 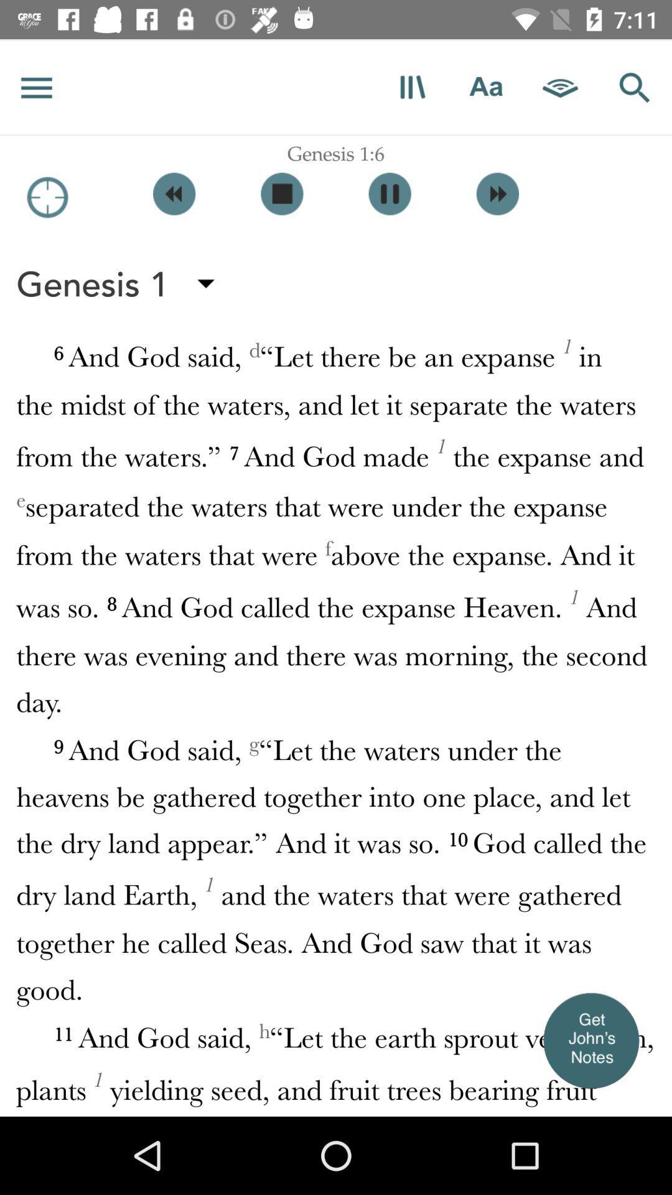 What do you see at coordinates (282, 193) in the screenshot?
I see `stop the reading` at bounding box center [282, 193].